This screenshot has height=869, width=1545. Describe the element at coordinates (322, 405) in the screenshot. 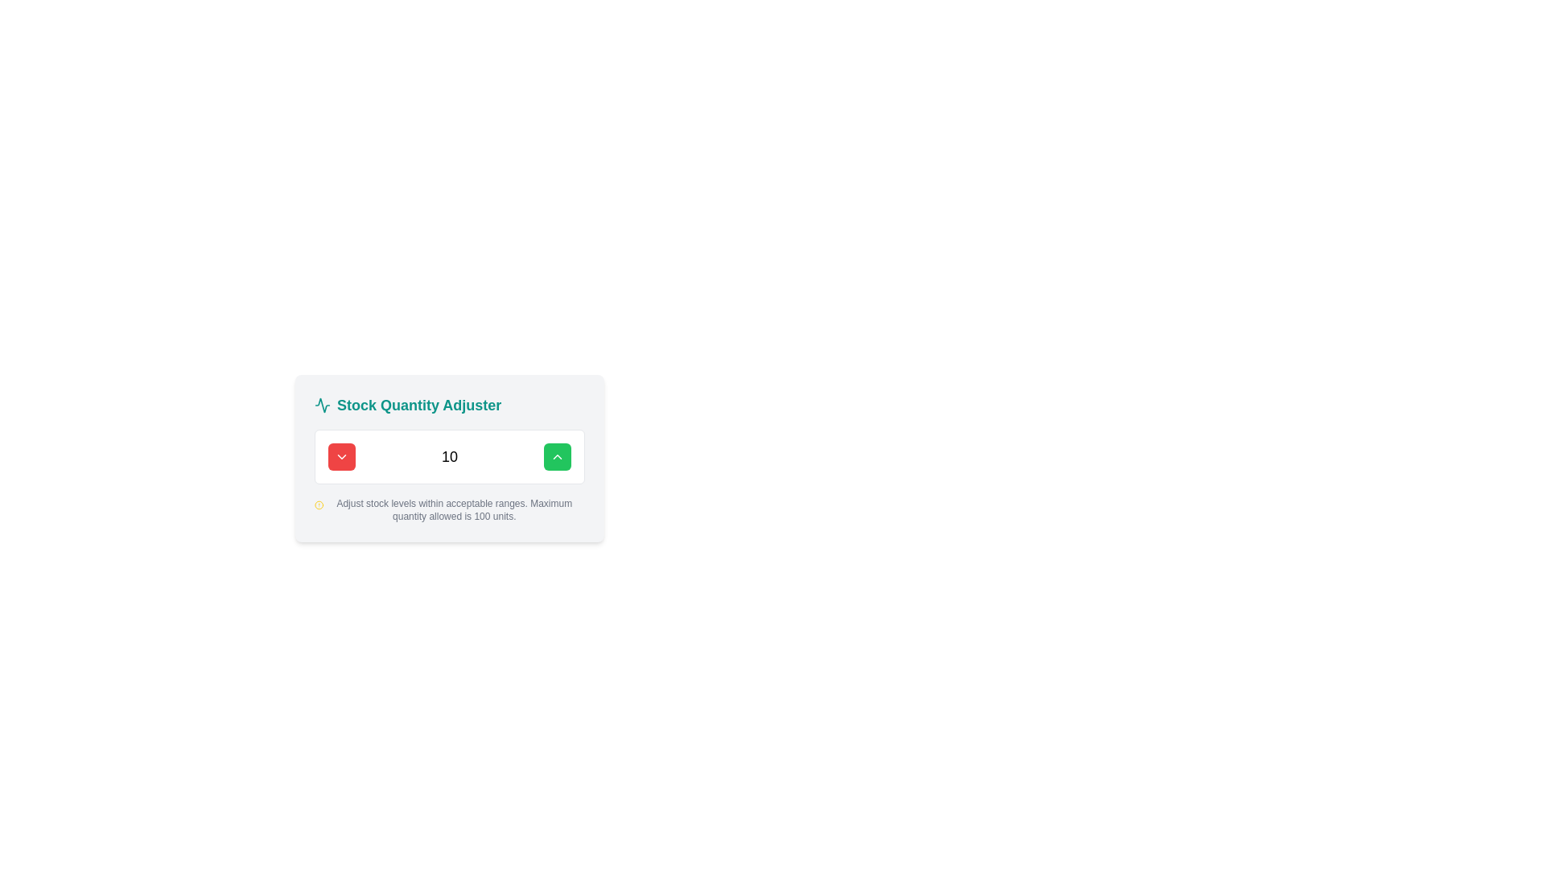

I see `the decorative 'activity' or 'status' icon located to the left of the 'Stock Quantity Adjuster' text in the top-left corner of the widget` at that location.